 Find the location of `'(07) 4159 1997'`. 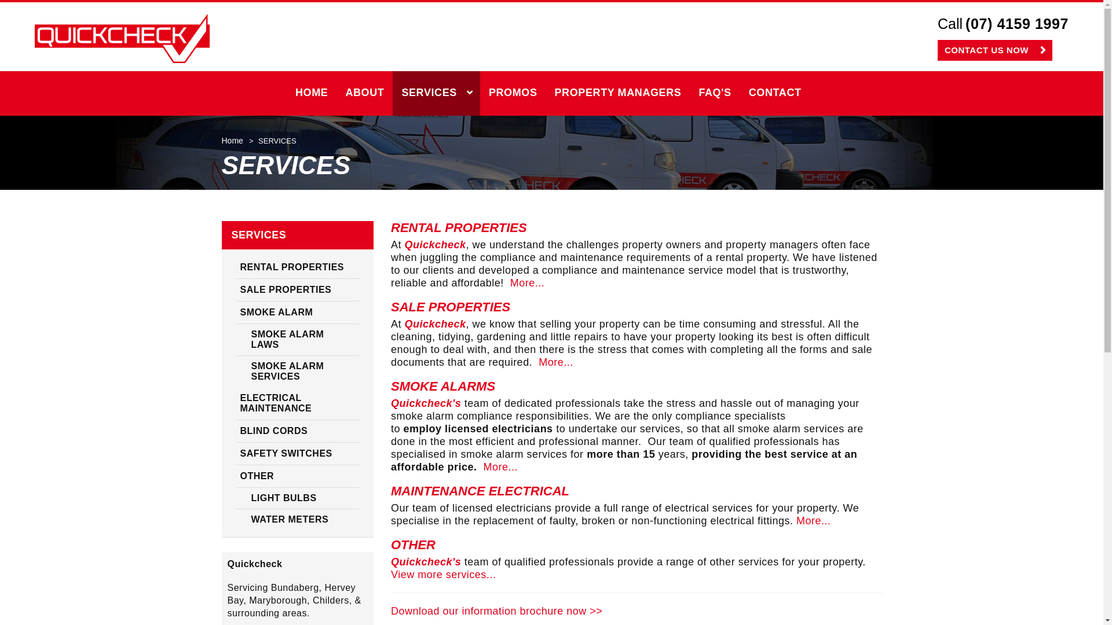

'(07) 4159 1997' is located at coordinates (1016, 24).